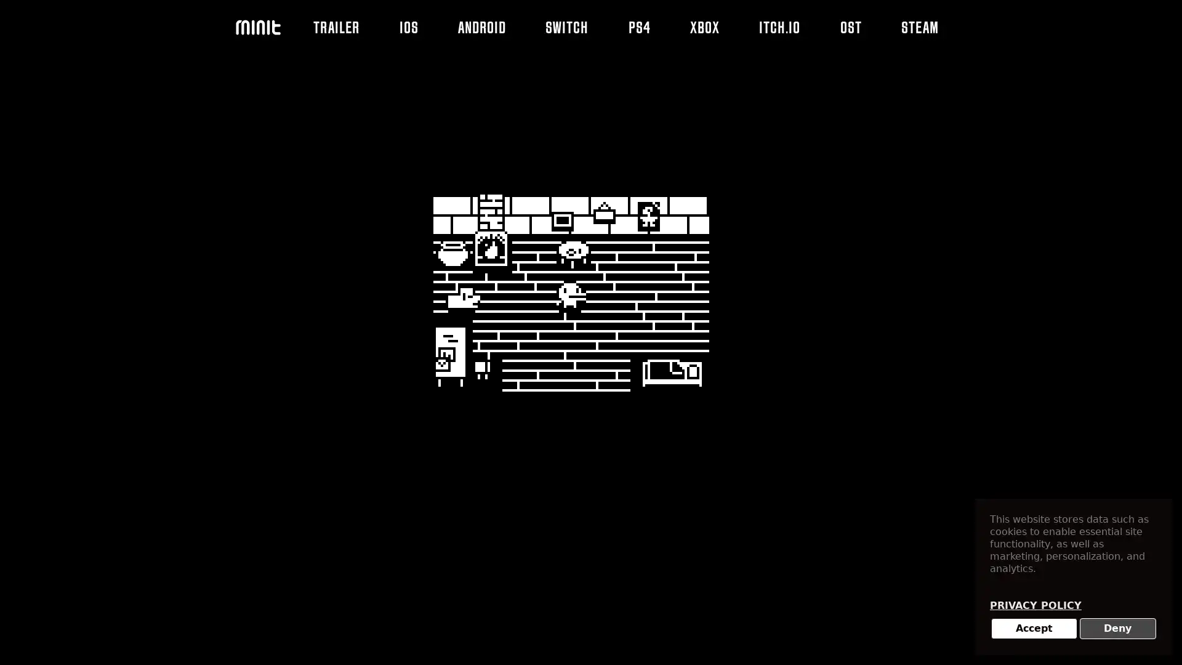 The height and width of the screenshot is (665, 1182). What do you see at coordinates (1034, 629) in the screenshot?
I see `Accept` at bounding box center [1034, 629].